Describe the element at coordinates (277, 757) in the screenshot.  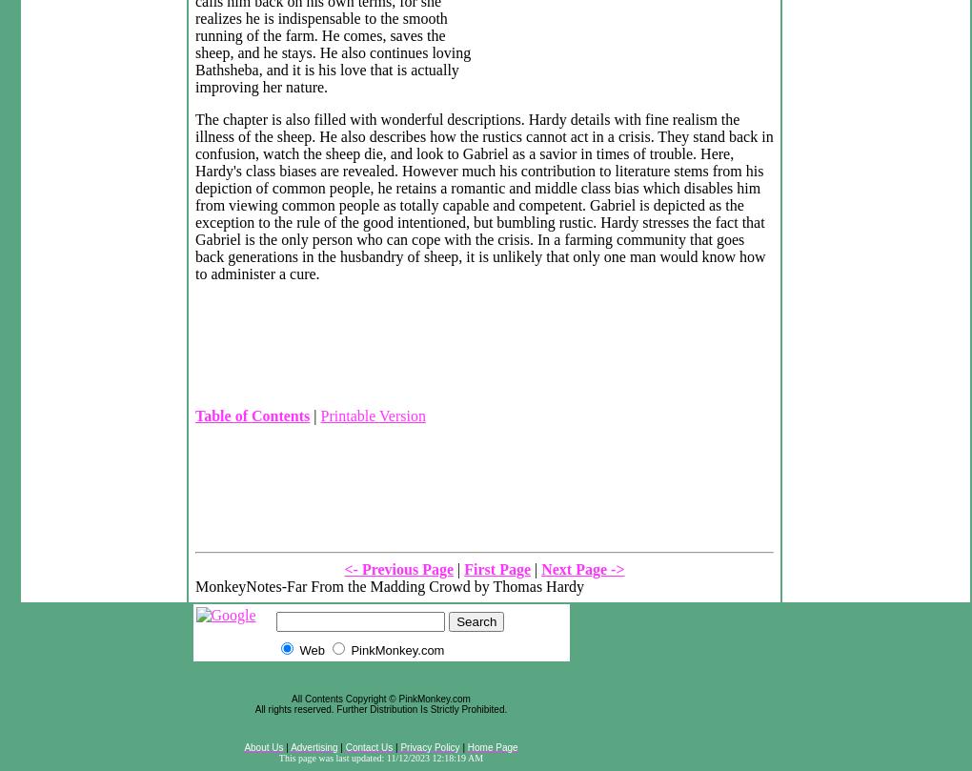
I see `'This page was last updated: 11/12/2023 12:18:19 AM'` at that location.